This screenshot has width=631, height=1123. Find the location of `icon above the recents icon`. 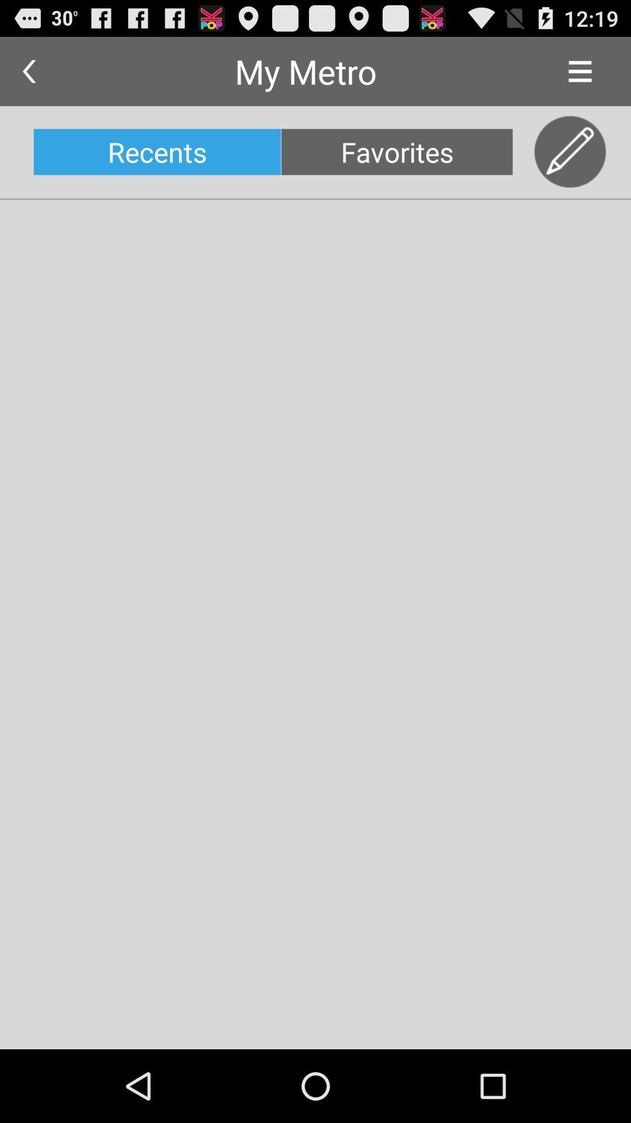

icon above the recents icon is located at coordinates (28, 71).